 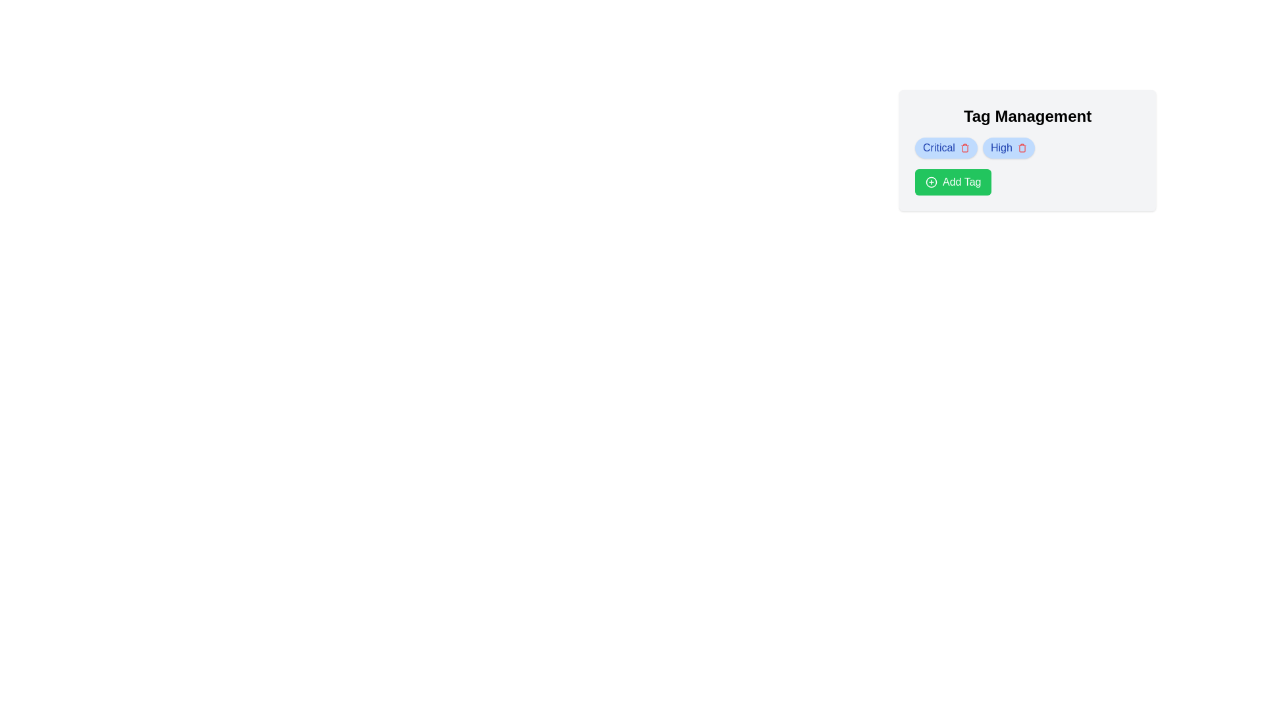 I want to click on the trash bin icon outlined in a linear style, so click(x=964, y=148).